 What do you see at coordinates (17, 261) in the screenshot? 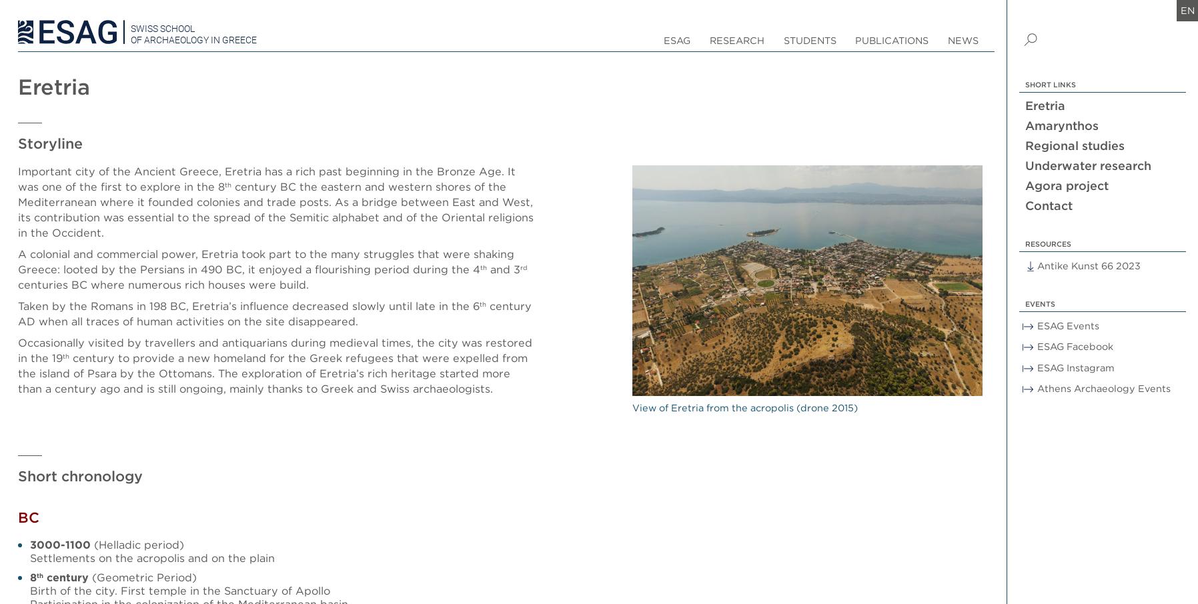
I see `'A colonial and commercial power, Eretria took part to the many struggles that were shaking Greece: looted by the Persians in 490 BC, it enjoyed a flourishing period during the 4'` at bounding box center [17, 261].